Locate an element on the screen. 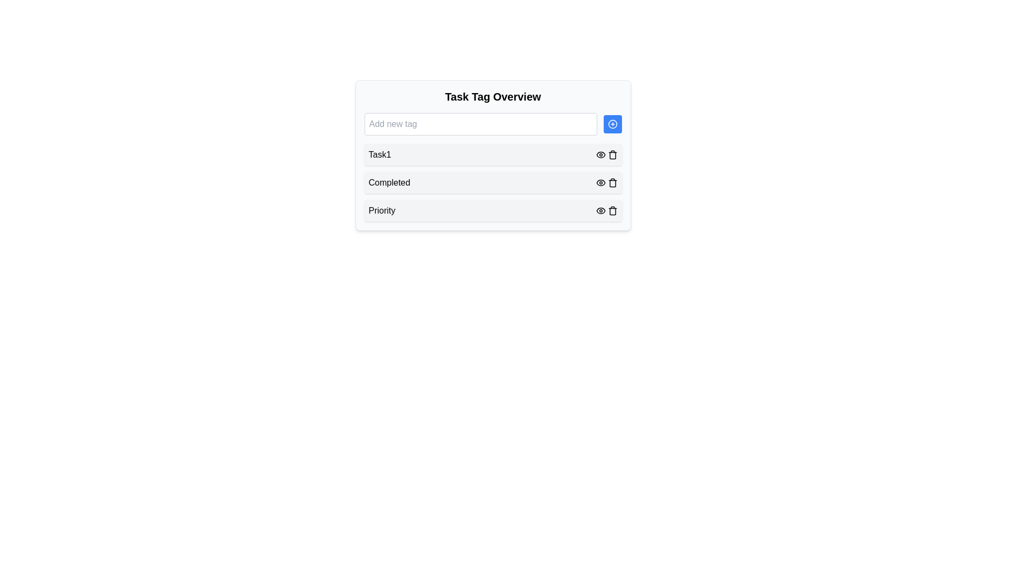  the trash can icon, which serves as a delete button located in the second row of a list of items, positioned to the far right next to an eye-shaped icon is located at coordinates (612, 182).